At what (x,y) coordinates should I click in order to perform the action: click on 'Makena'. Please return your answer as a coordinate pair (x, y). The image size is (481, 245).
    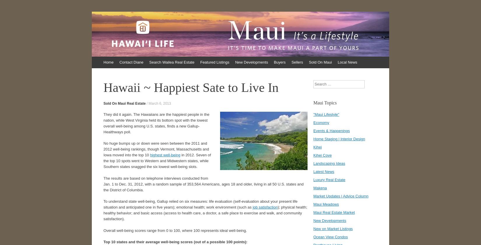
    Looking at the image, I should click on (320, 188).